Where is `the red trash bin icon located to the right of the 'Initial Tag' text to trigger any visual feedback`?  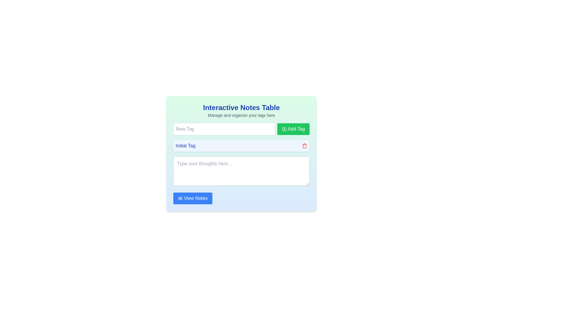 the red trash bin icon located to the right of the 'Initial Tag' text to trigger any visual feedback is located at coordinates (304, 146).